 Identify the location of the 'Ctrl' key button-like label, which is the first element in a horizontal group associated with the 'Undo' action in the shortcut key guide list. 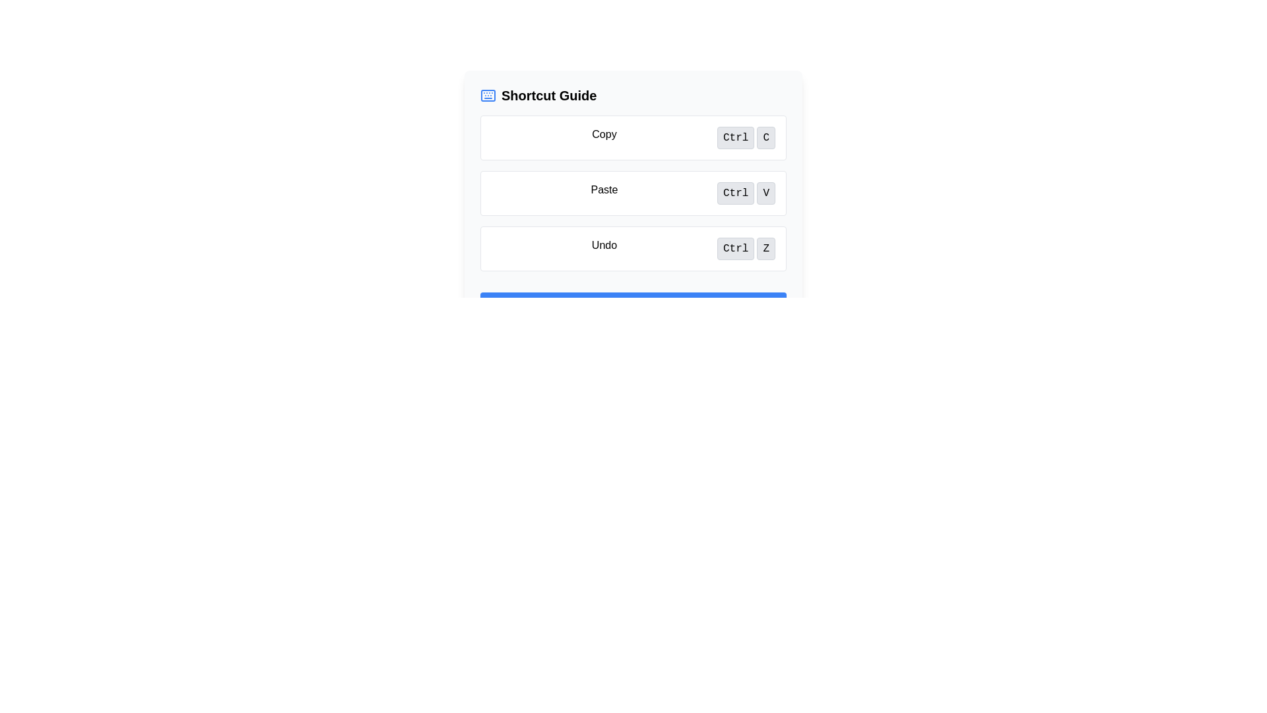
(735, 249).